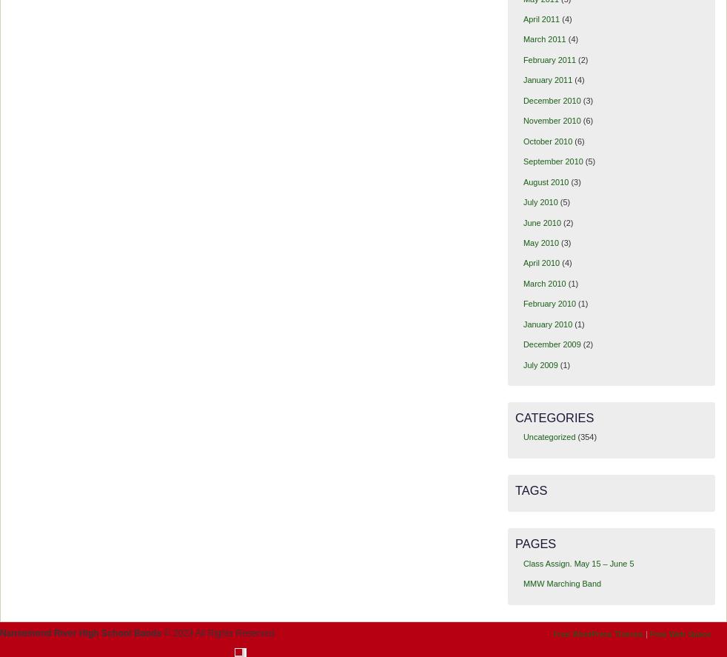 The width and height of the screenshot is (727, 657). What do you see at coordinates (680, 633) in the screenshot?
I see `'Free Web Space'` at bounding box center [680, 633].